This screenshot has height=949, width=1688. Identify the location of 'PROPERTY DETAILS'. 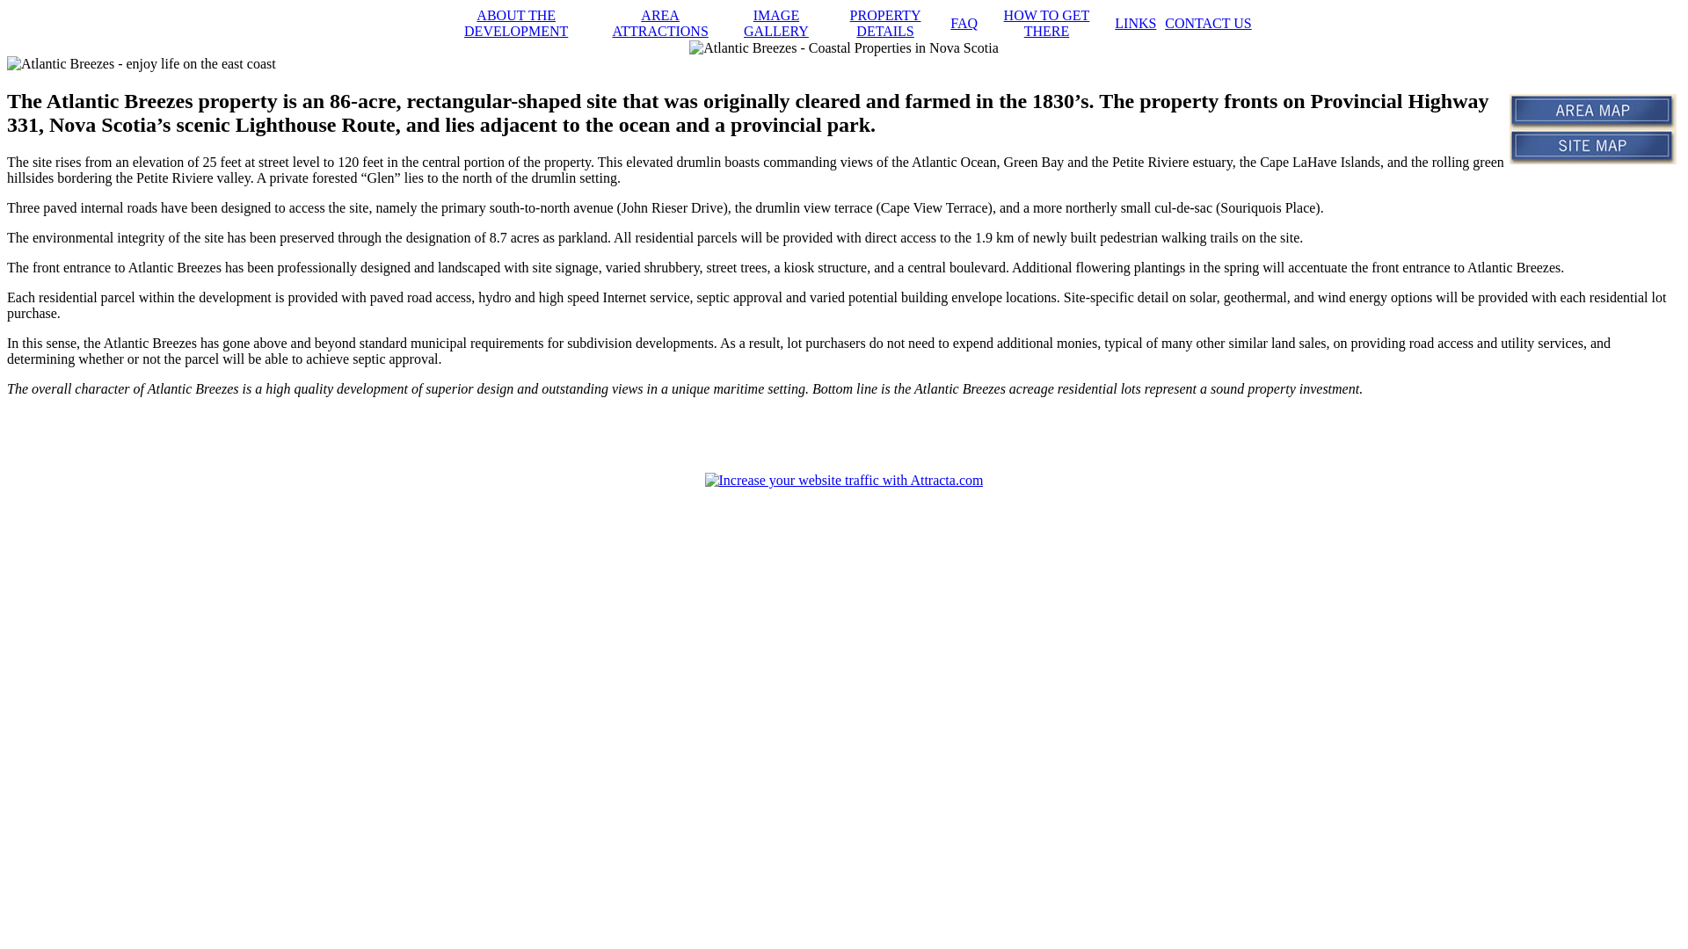
(885, 23).